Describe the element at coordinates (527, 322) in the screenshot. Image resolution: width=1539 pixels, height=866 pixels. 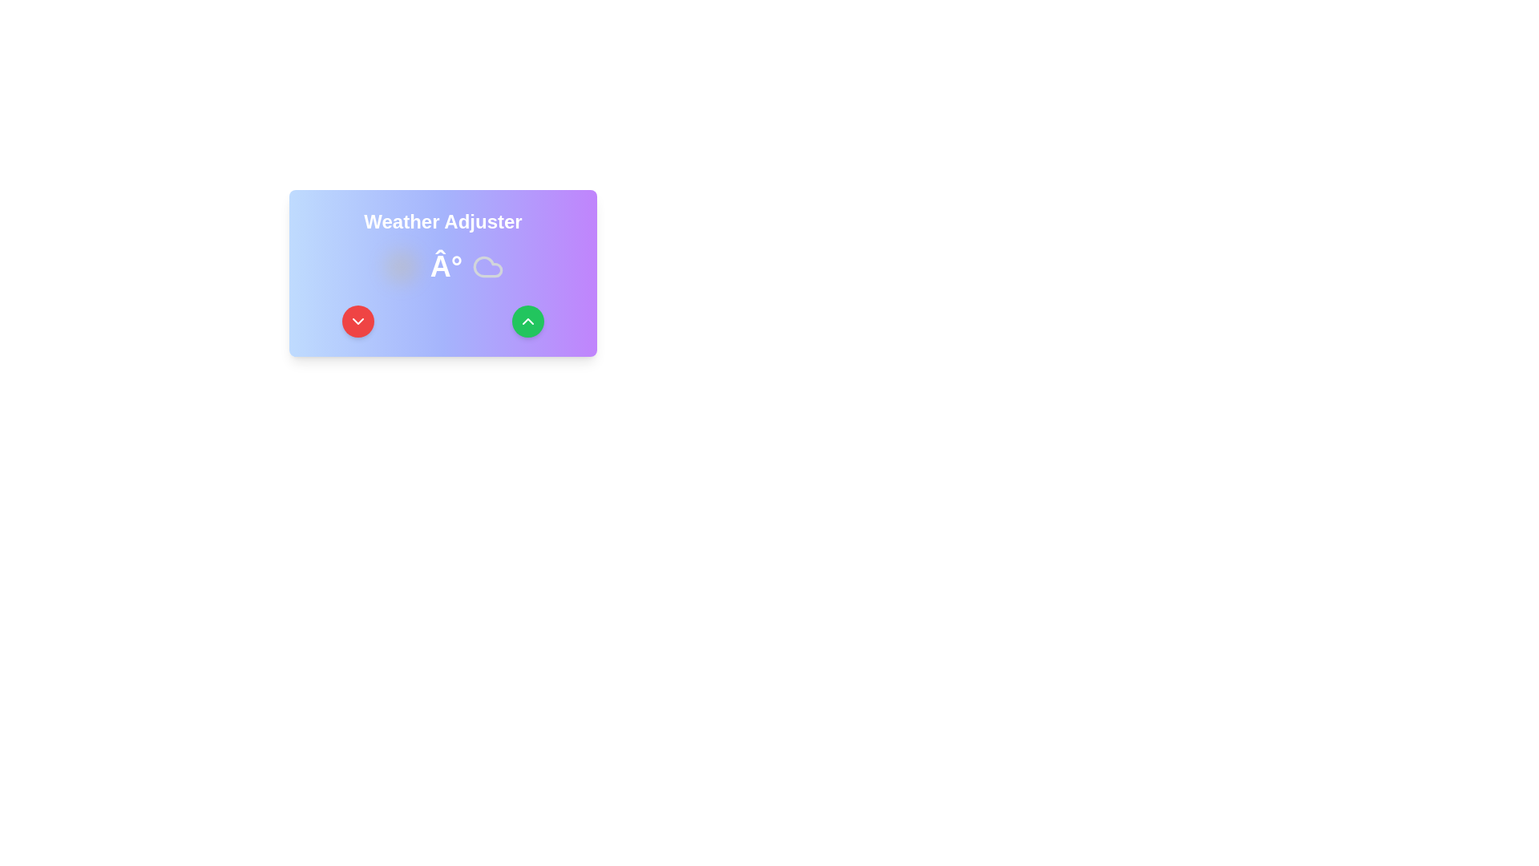
I see `the green circular button with a white upward-pointing chevron icon, located in the bottom-right corner of the light purple gradient card beneath the 'Weather Adjuster' label` at that location.